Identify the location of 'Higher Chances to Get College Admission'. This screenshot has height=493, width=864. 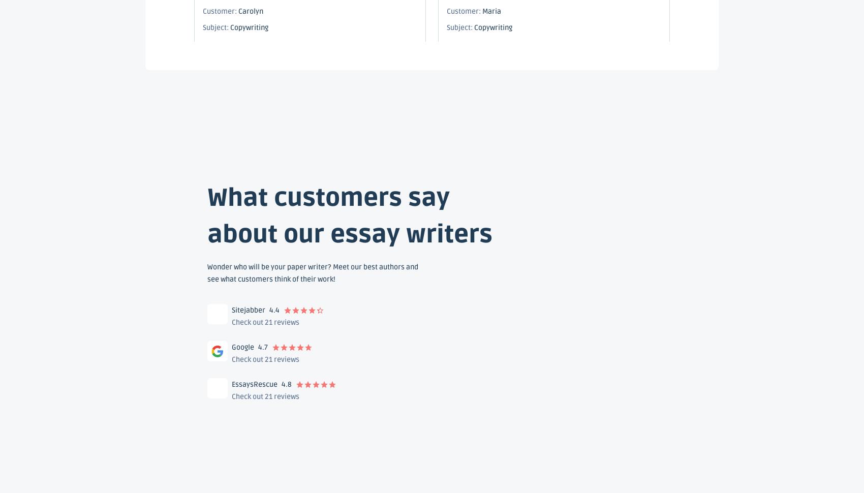
(308, 201).